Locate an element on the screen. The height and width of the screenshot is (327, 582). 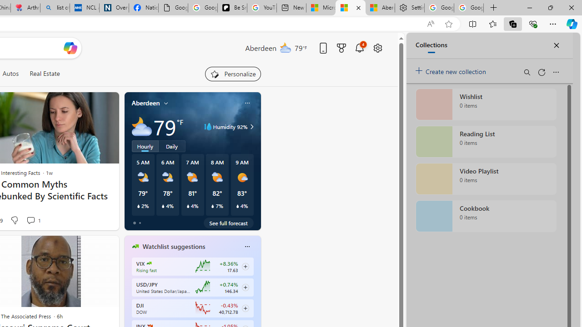
'Personalize your feed"' is located at coordinates (233, 74).